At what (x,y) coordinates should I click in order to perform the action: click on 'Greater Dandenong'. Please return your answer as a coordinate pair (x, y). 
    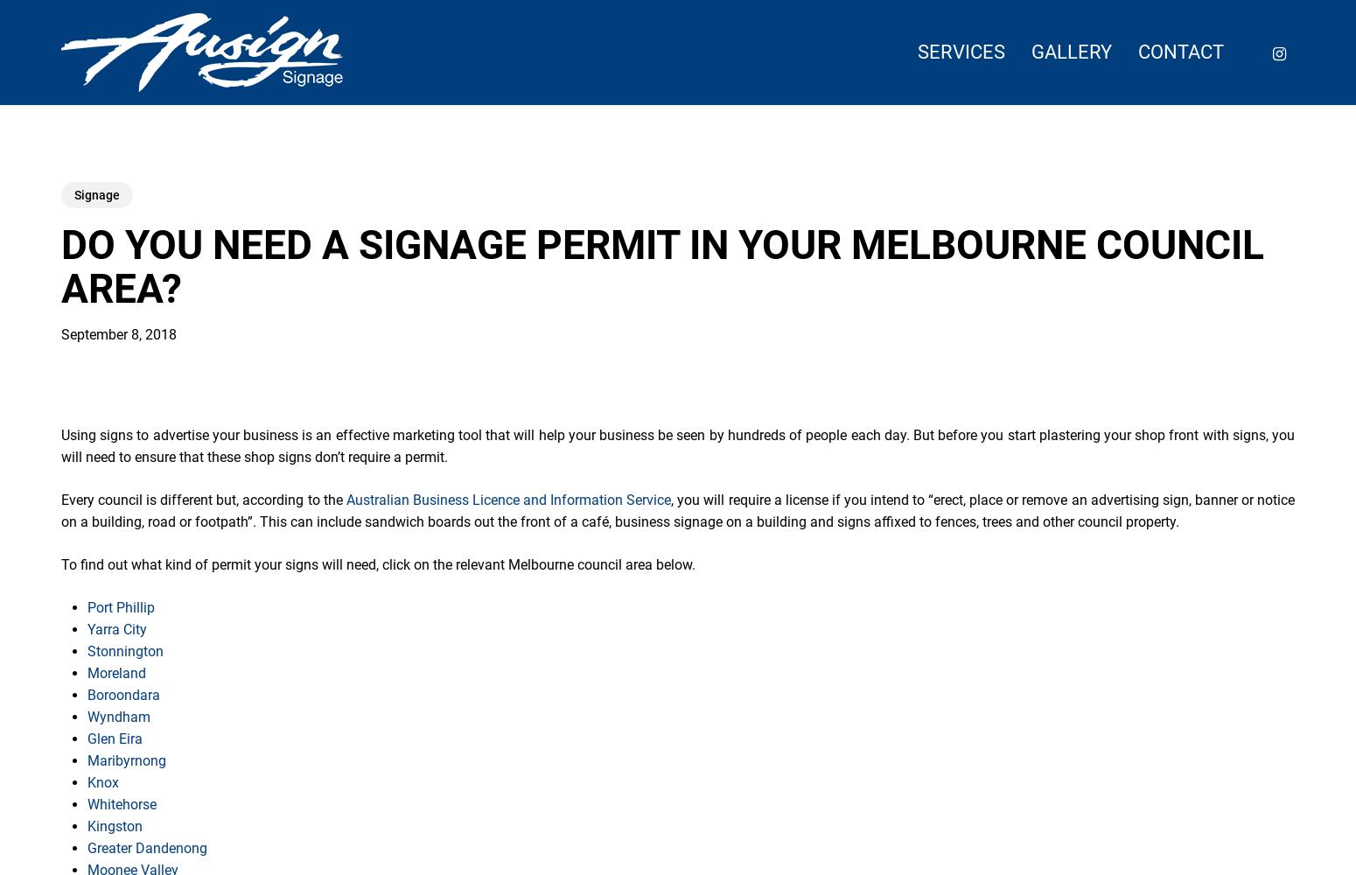
    Looking at the image, I should click on (146, 847).